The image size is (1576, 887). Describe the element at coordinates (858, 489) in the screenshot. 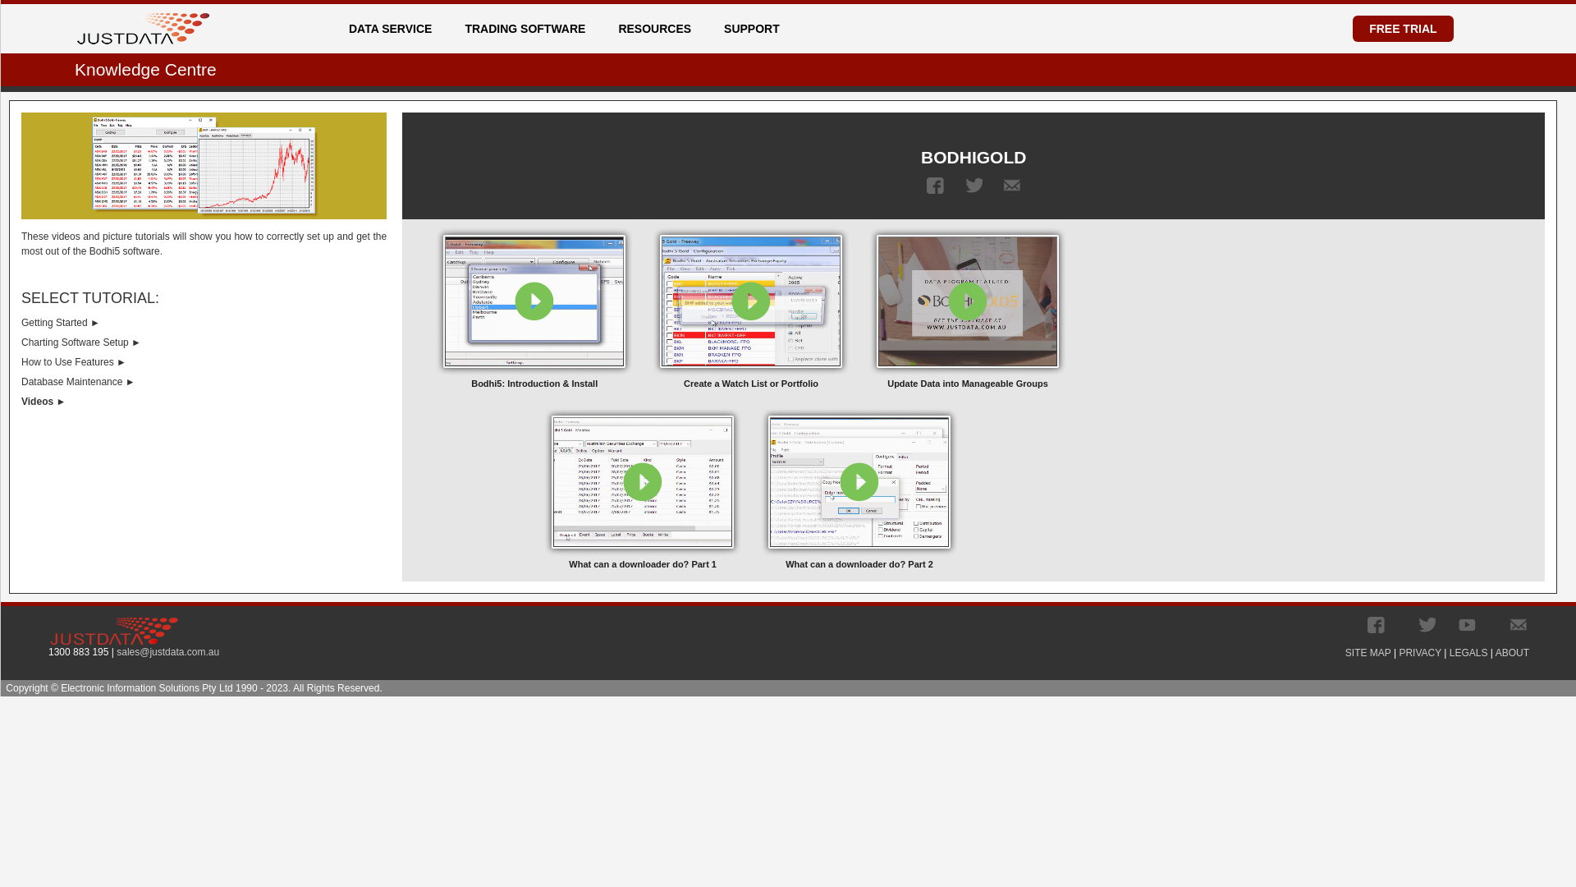

I see `'What can a downloader do? Part 2'` at that location.